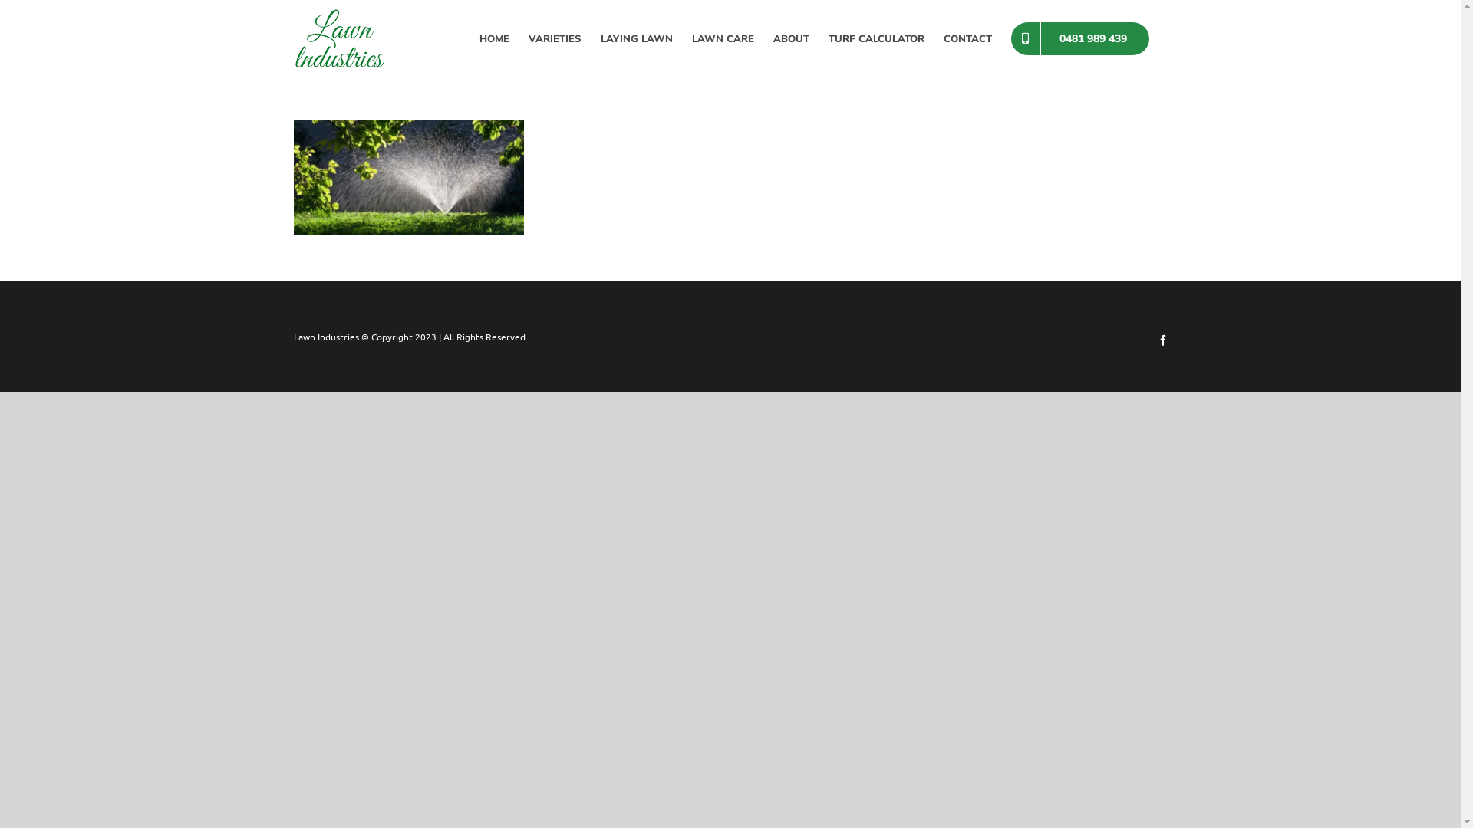  What do you see at coordinates (493, 38) in the screenshot?
I see `'HOME'` at bounding box center [493, 38].